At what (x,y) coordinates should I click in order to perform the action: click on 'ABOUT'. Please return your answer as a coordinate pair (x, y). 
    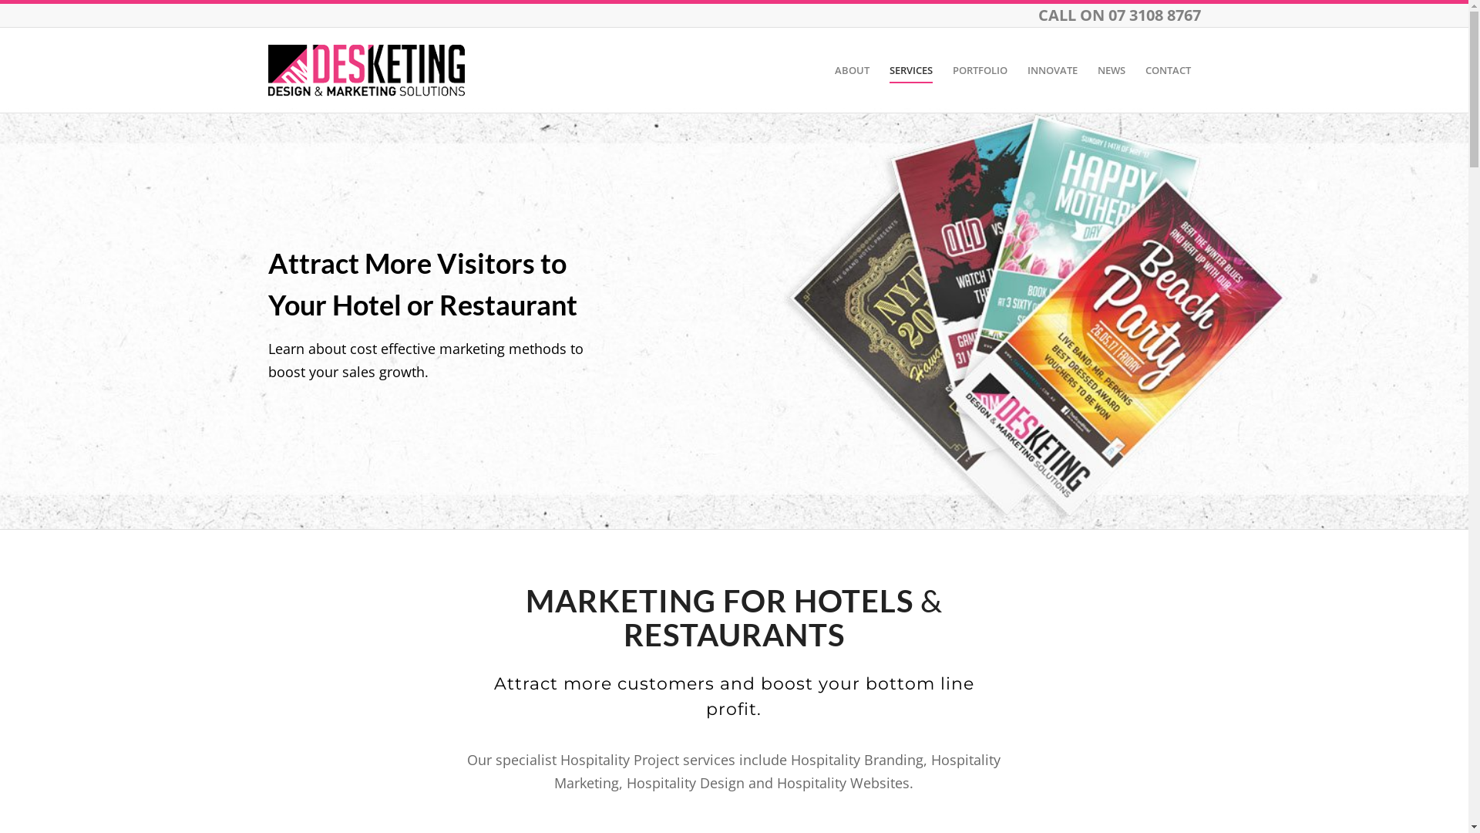
    Looking at the image, I should click on (851, 70).